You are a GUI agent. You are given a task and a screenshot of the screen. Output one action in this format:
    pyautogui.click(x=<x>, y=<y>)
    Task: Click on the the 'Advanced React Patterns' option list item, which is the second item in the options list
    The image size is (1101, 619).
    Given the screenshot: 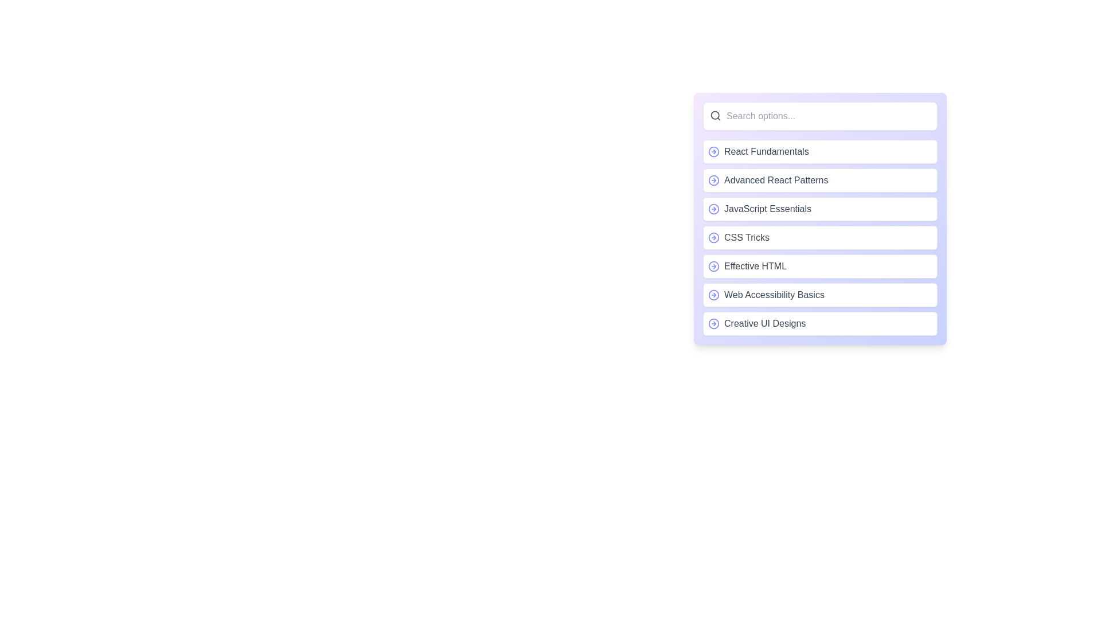 What is the action you would take?
    pyautogui.click(x=819, y=181)
    